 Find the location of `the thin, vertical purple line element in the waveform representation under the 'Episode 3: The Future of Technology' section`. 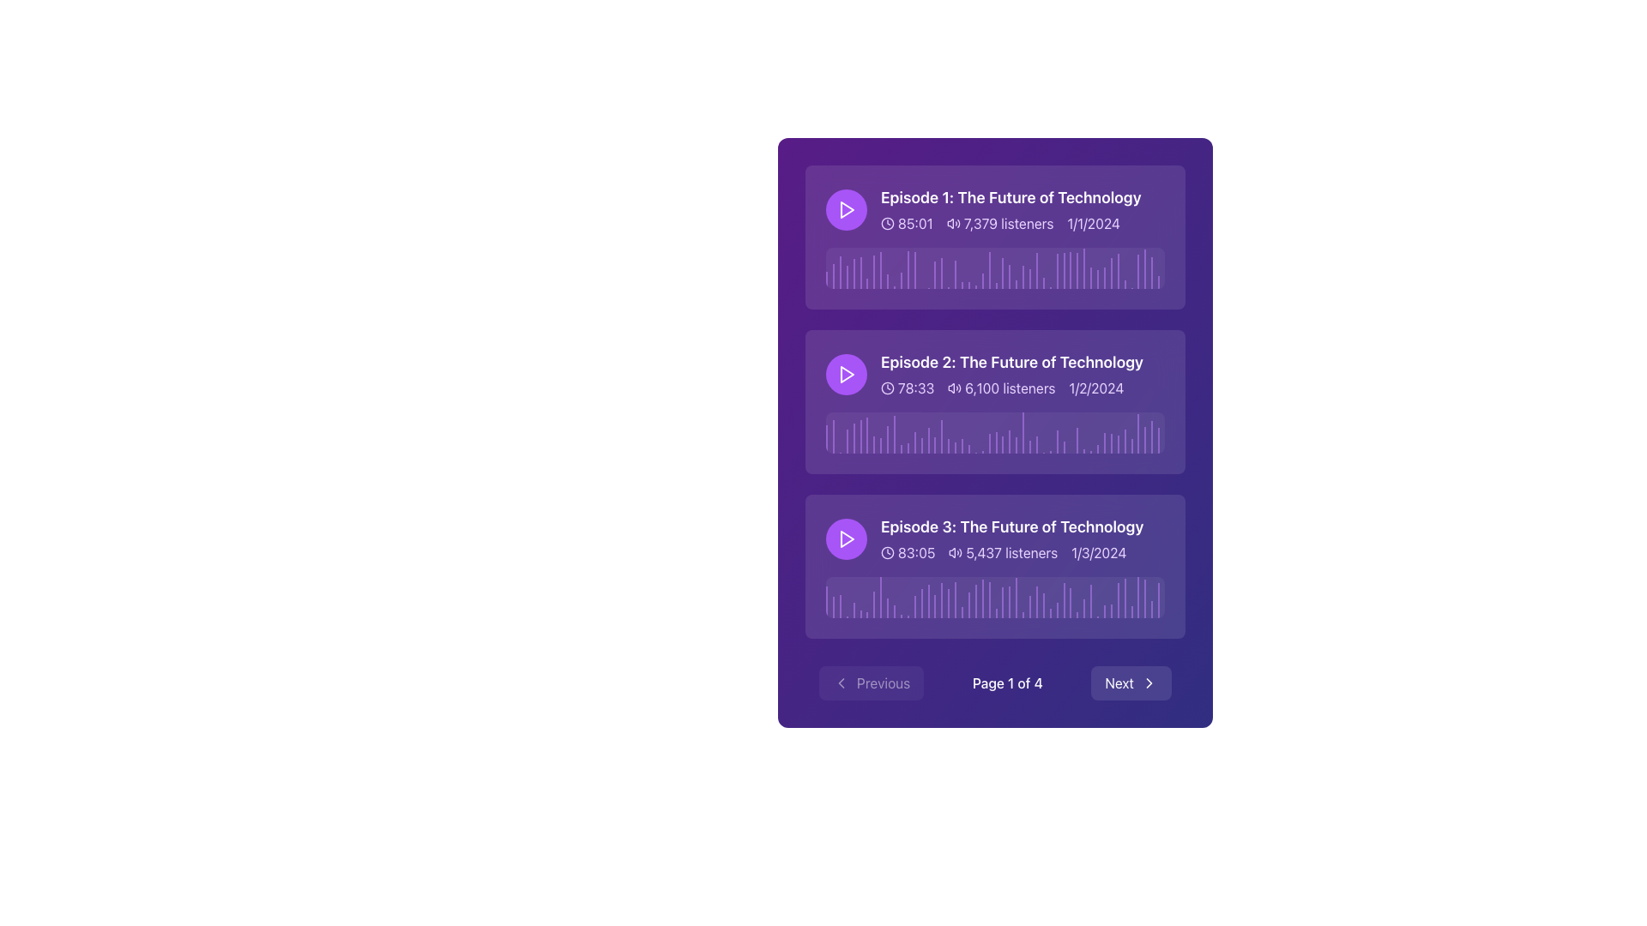

the thin, vertical purple line element in the waveform representation under the 'Episode 3: The Future of Technology' section is located at coordinates (893, 610).